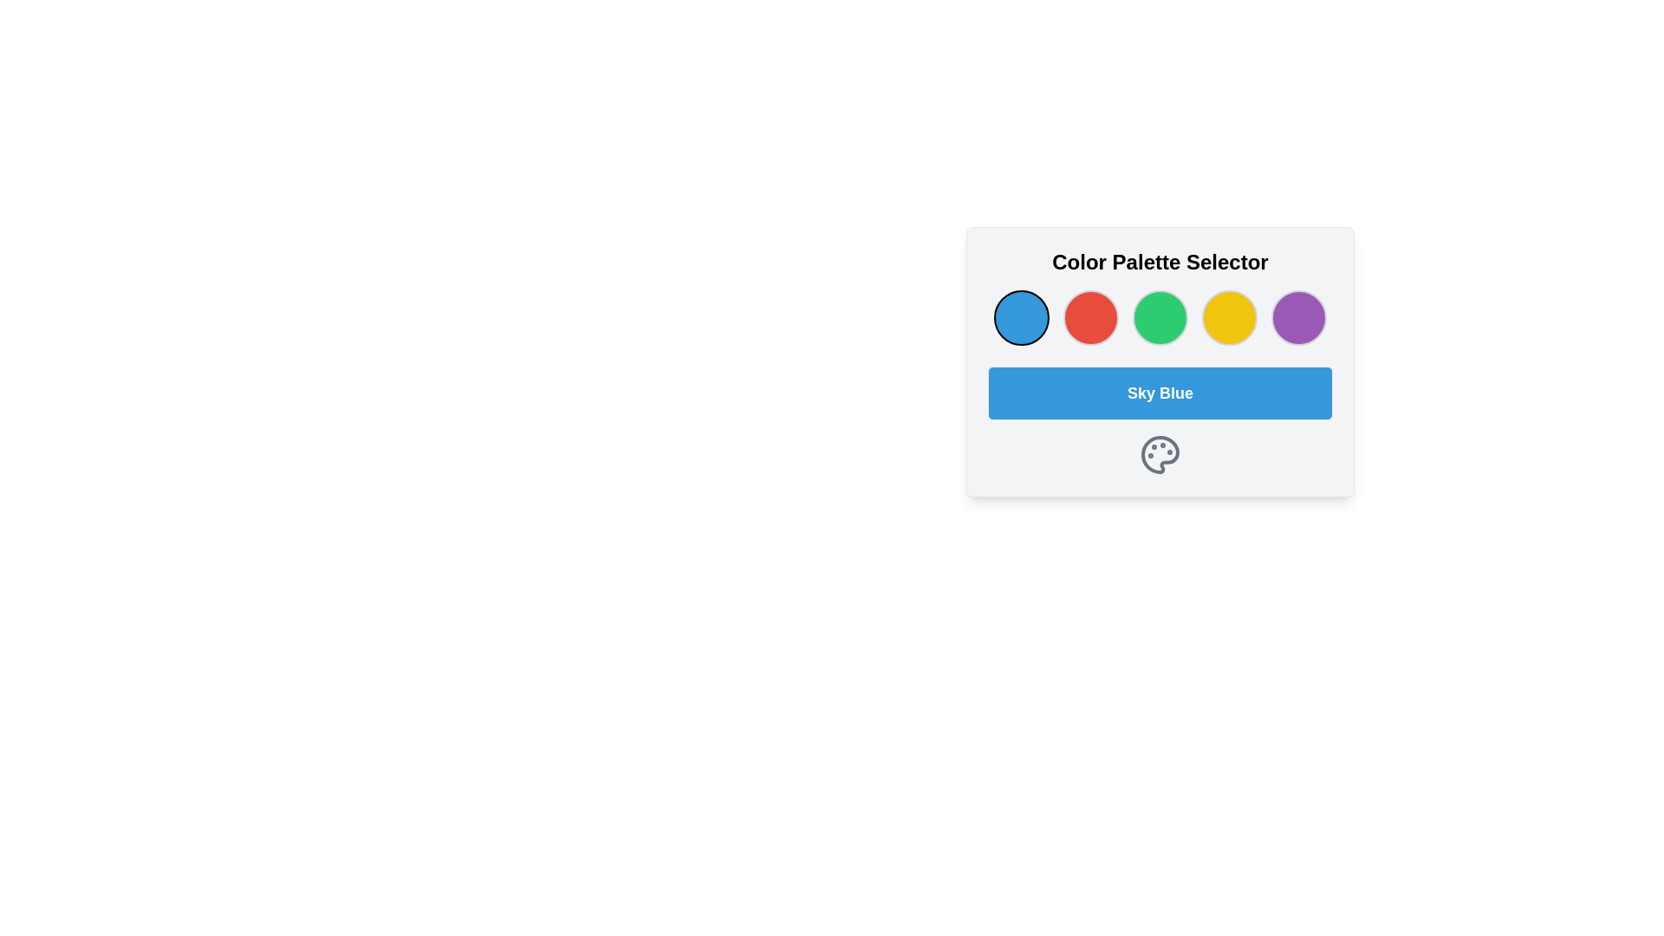  What do you see at coordinates (1089, 317) in the screenshot?
I see `the second circular button with a red background in the 'Color Palette Selector' widget to trigger a visual effect` at bounding box center [1089, 317].